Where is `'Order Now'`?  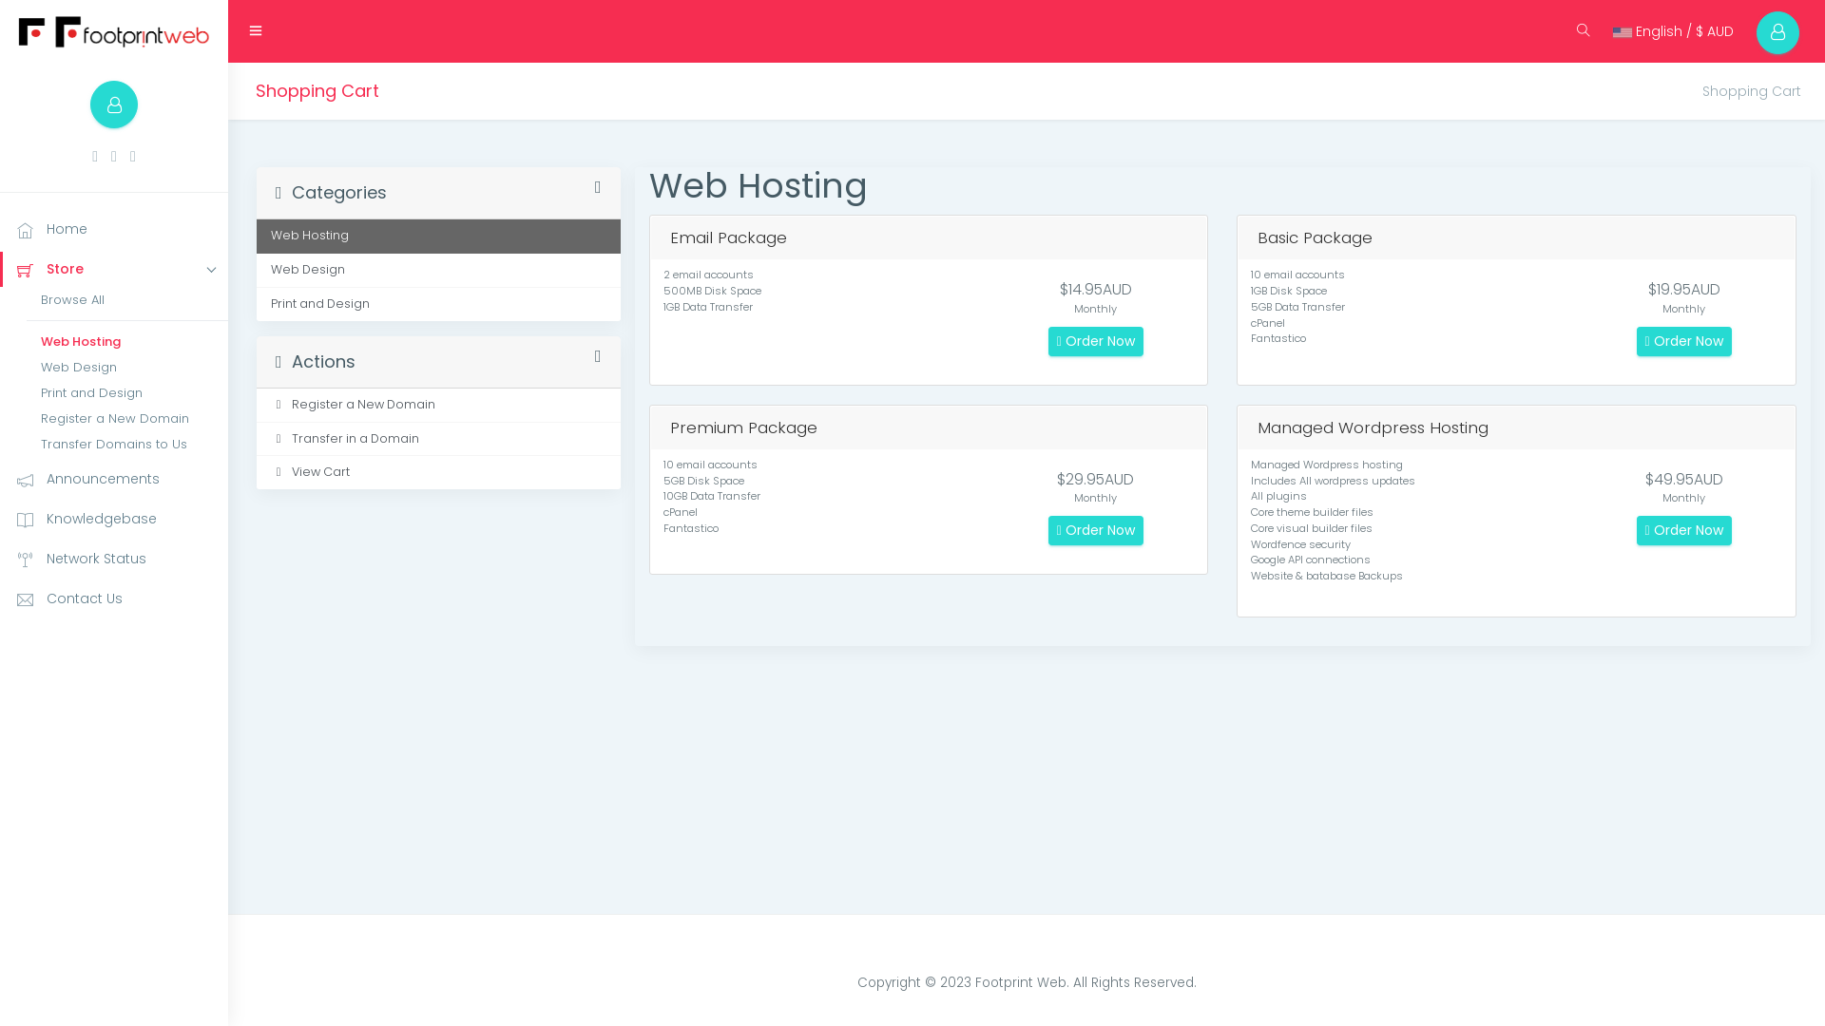 'Order Now' is located at coordinates (1636, 340).